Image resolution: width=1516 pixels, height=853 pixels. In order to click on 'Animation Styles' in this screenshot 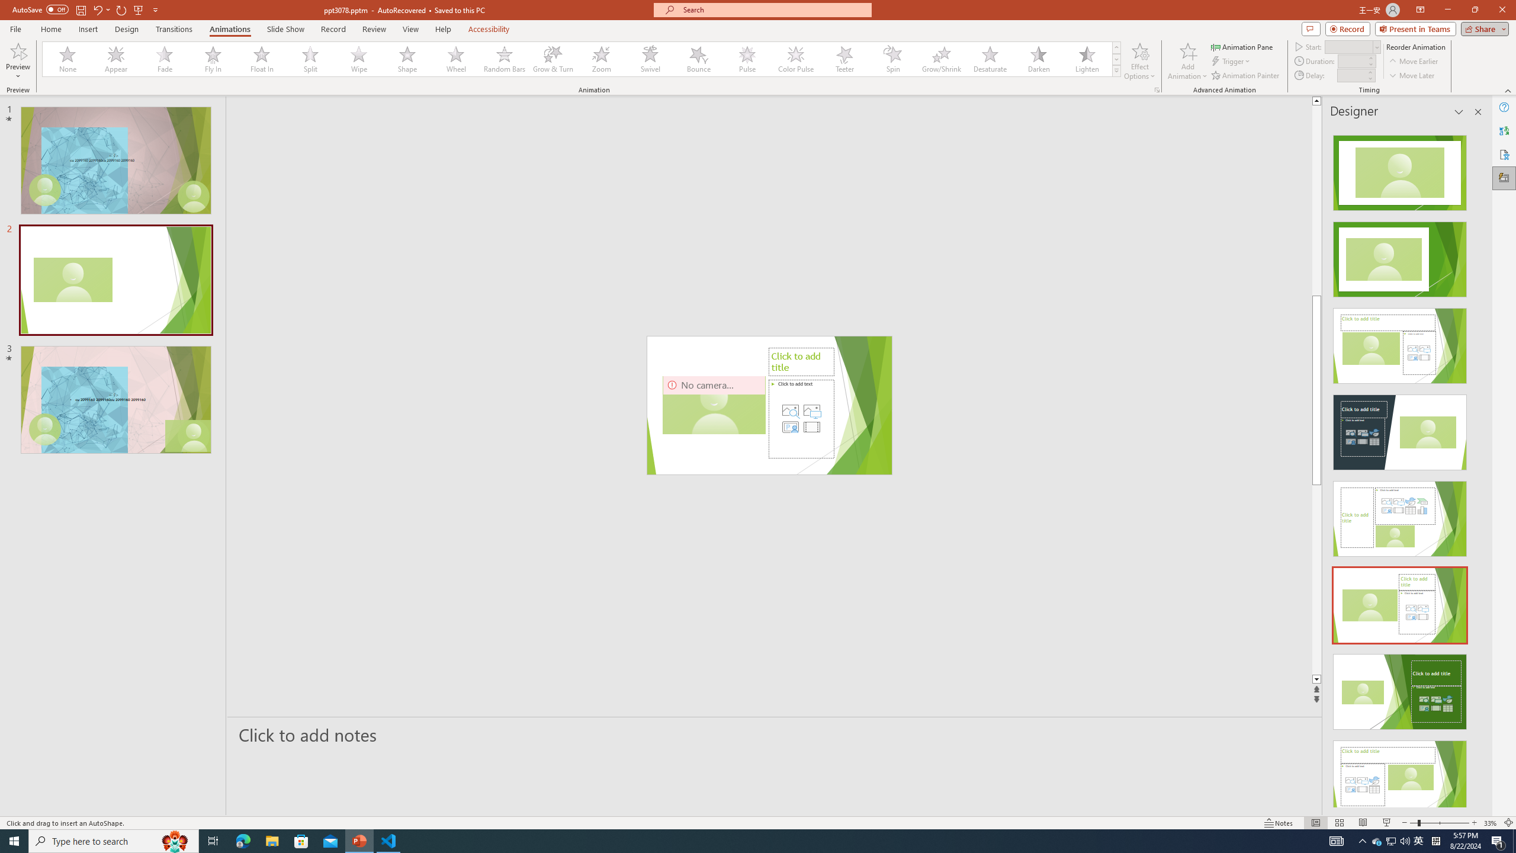, I will do `click(1116, 70)`.